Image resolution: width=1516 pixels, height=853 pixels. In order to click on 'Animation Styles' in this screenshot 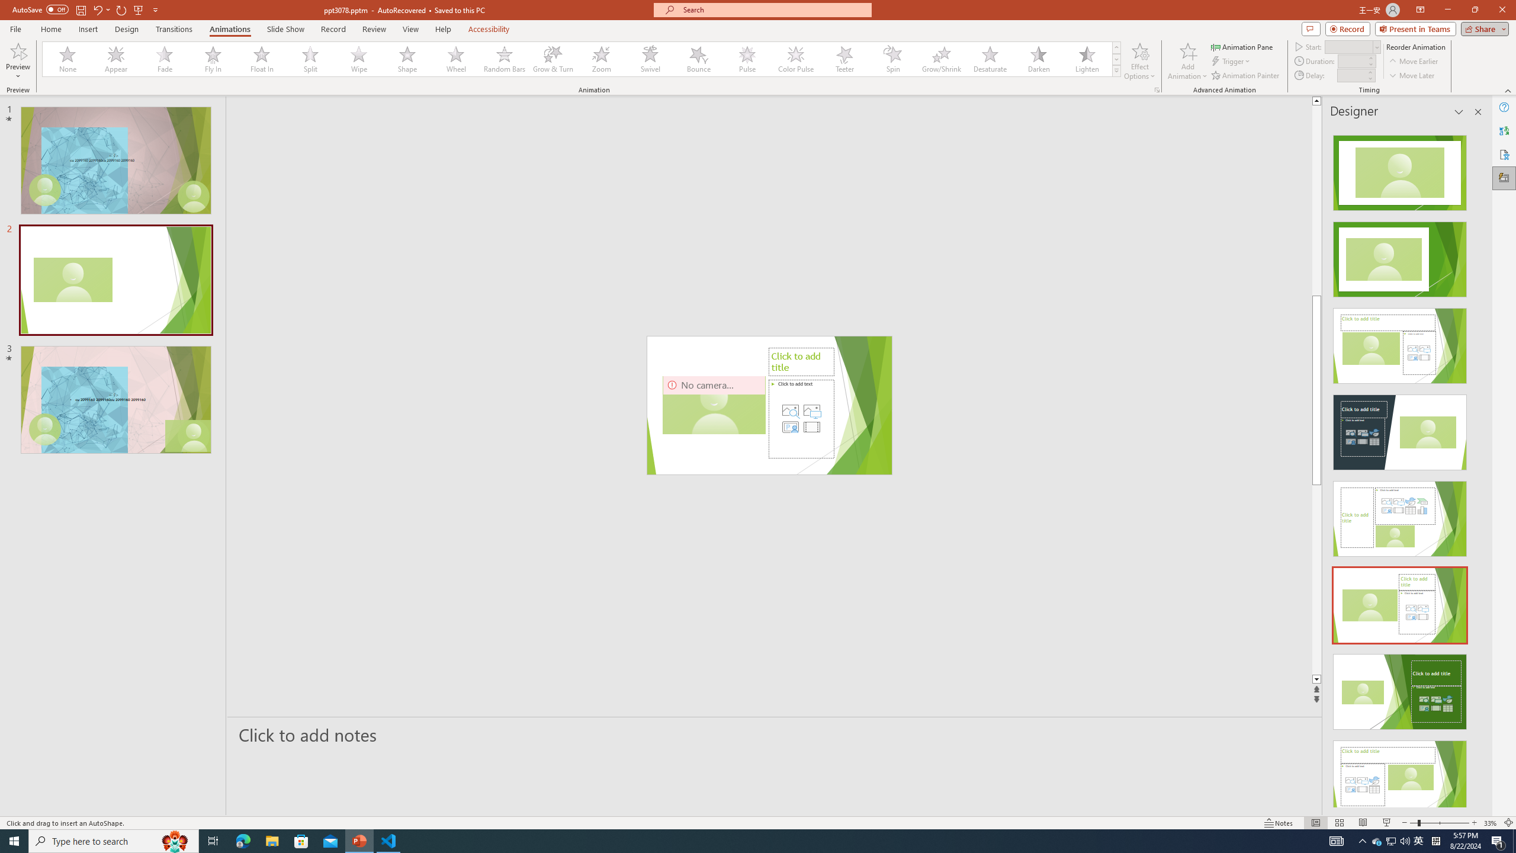, I will do `click(1116, 70)`.